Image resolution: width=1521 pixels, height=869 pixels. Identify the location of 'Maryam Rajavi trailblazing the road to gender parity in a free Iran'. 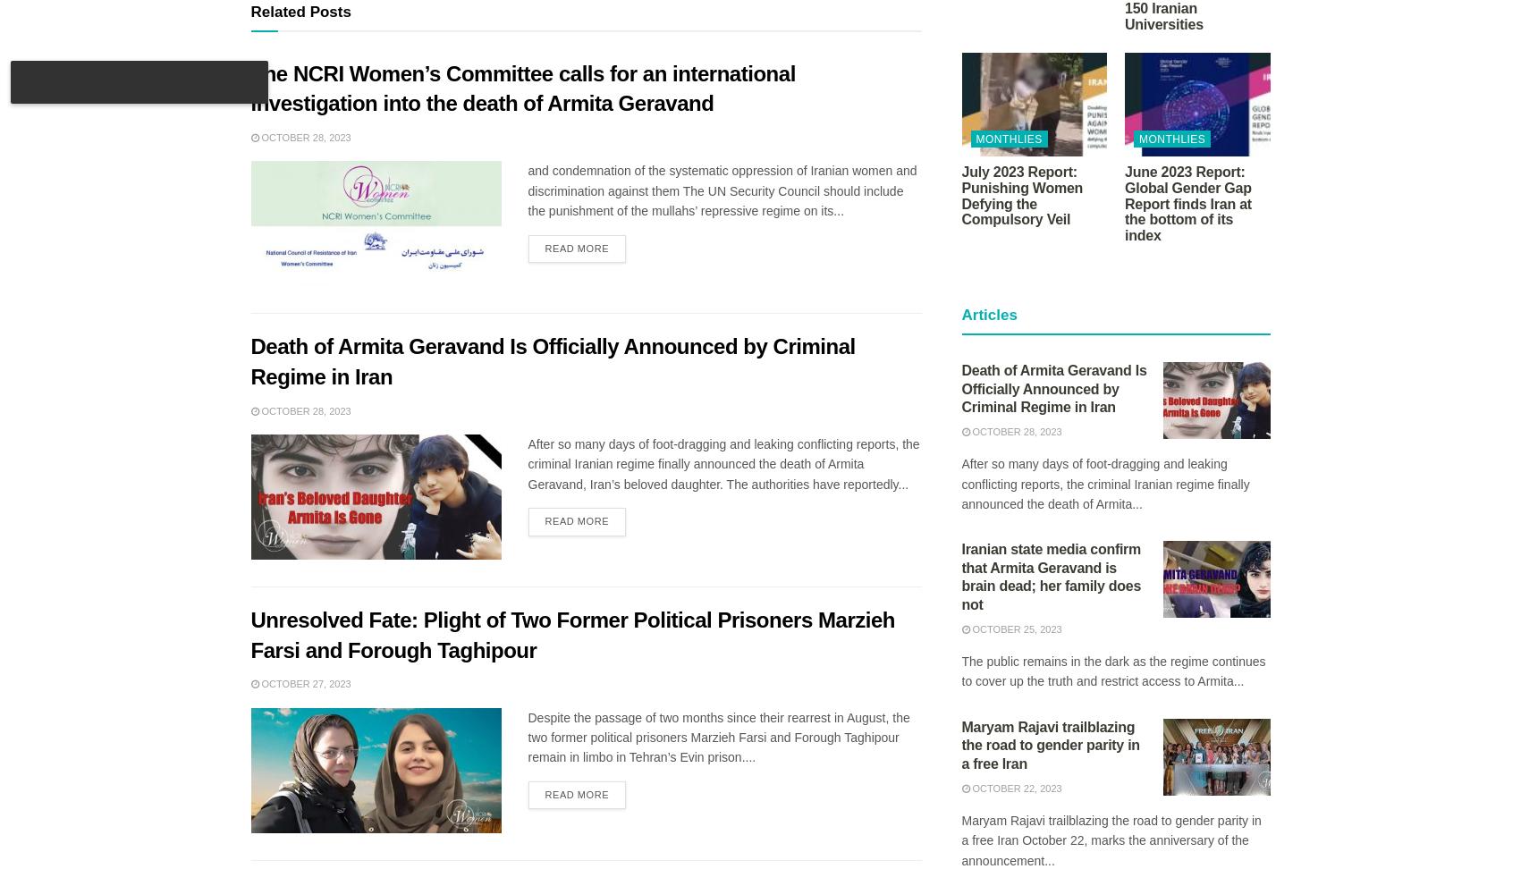
(1049, 744).